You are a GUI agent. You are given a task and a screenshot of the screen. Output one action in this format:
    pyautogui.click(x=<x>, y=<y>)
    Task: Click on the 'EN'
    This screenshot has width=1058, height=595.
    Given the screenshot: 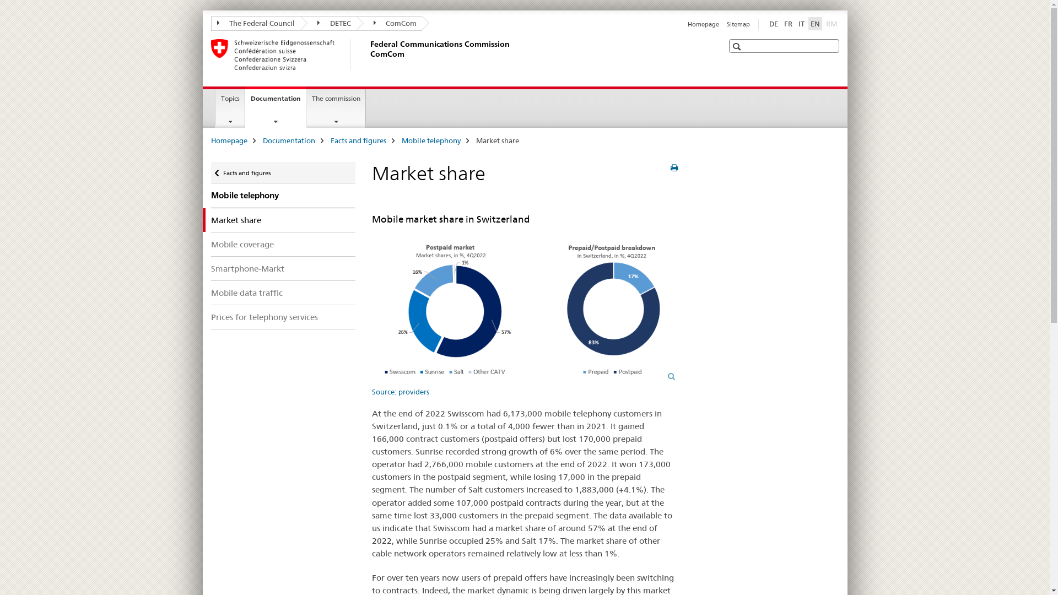 What is the action you would take?
    pyautogui.click(x=807, y=23)
    